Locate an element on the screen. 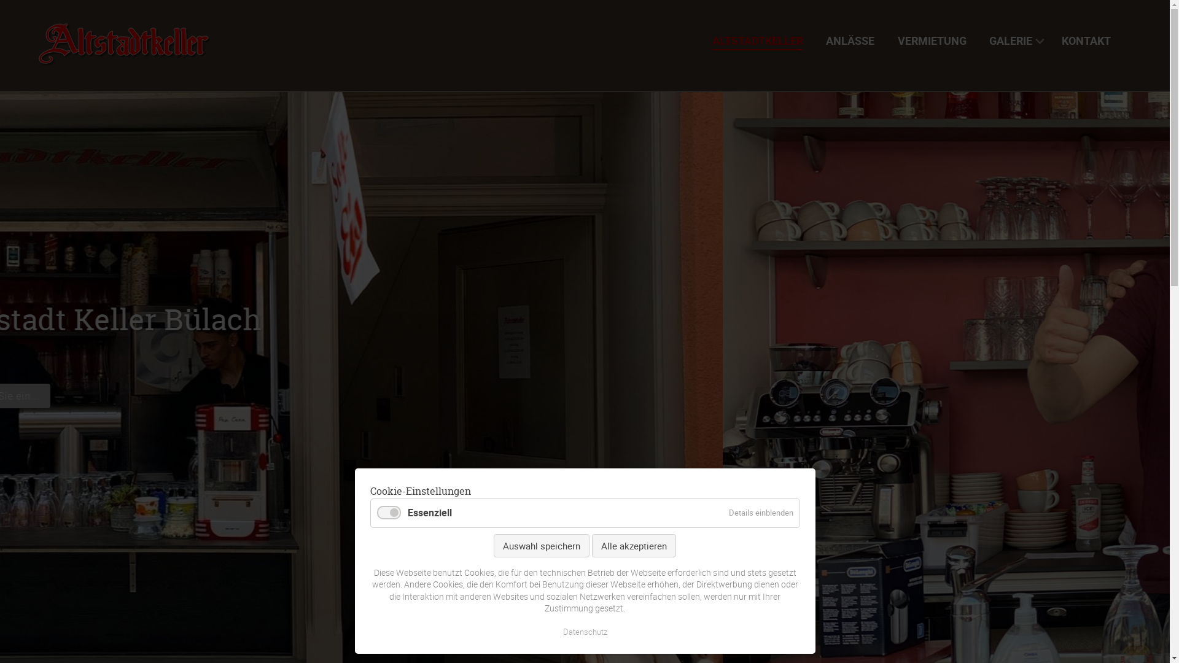 This screenshot has height=663, width=1179. 'ALTSTADTKELLER' is located at coordinates (761, 40).